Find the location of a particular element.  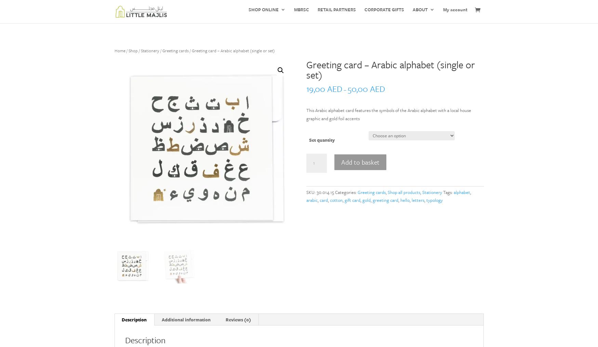

'typology' is located at coordinates (434, 200).